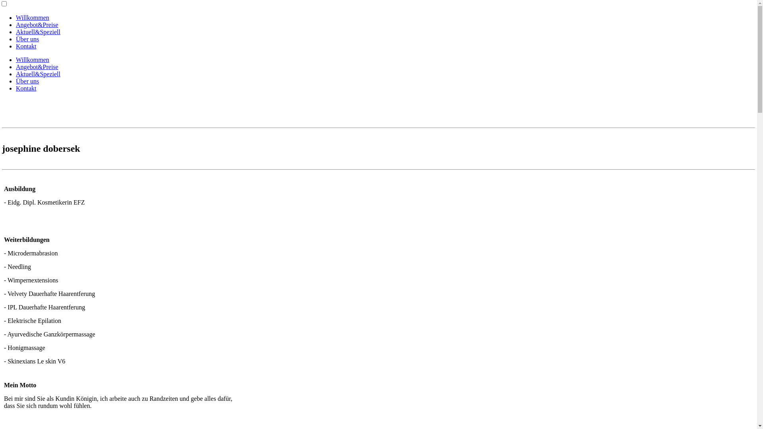 The height and width of the screenshot is (429, 763). Describe the element at coordinates (37, 24) in the screenshot. I see `'Angebot&Preise'` at that location.